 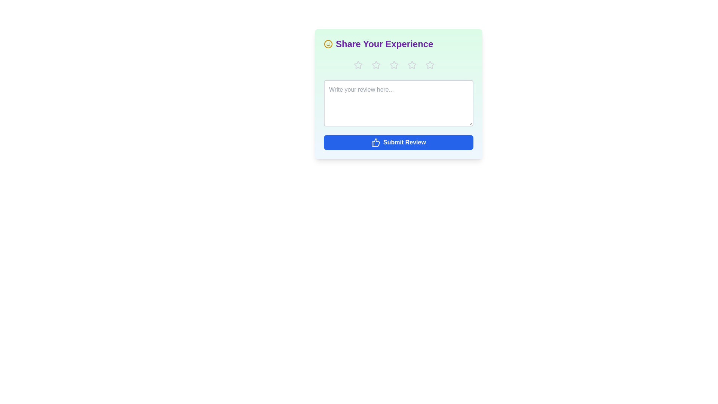 What do you see at coordinates (398, 143) in the screenshot?
I see `'Submit Review' button to submit the review` at bounding box center [398, 143].